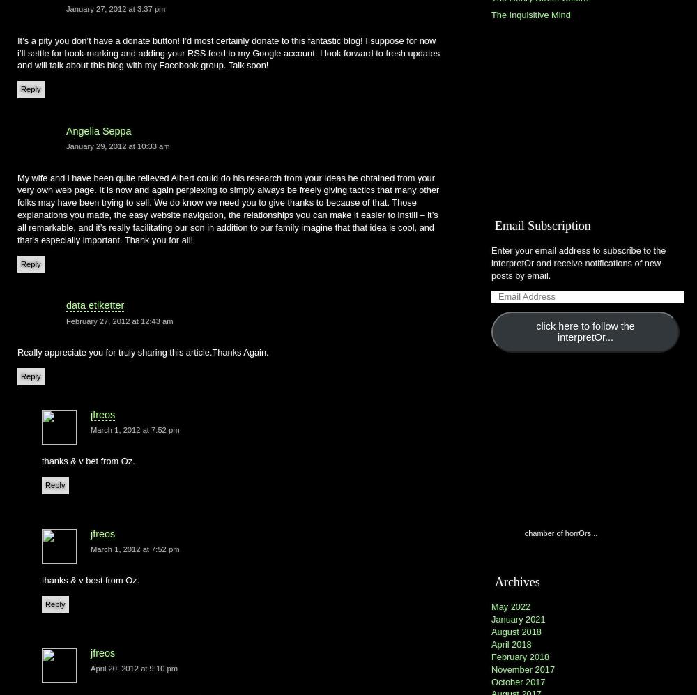 This screenshot has height=695, width=697. Describe the element at coordinates (578, 262) in the screenshot. I see `'Enter your email address to subscribe to the interpretOr and receive notifications of new posts by email.'` at that location.